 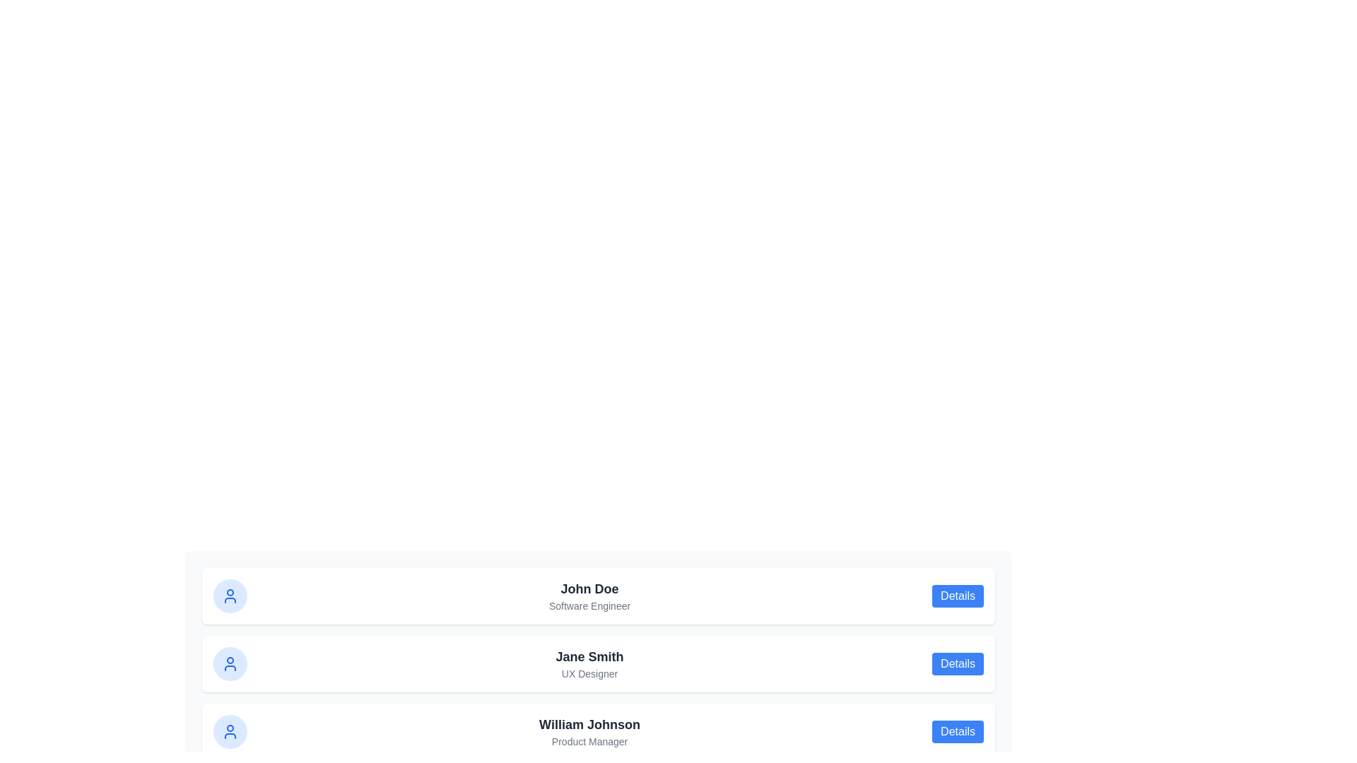 What do you see at coordinates (230, 731) in the screenshot?
I see `the user profile icon representing 'William Johnson, Product Manager' by moving the cursor to its center point` at bounding box center [230, 731].